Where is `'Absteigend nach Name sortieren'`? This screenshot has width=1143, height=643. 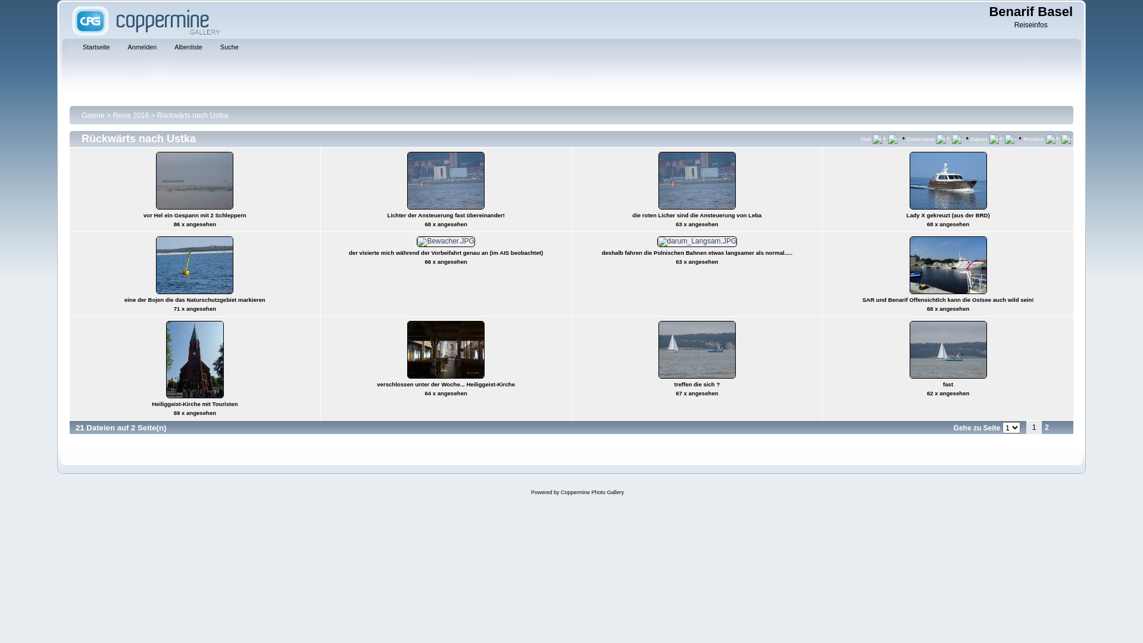 'Absteigend nach Name sortieren' is located at coordinates (957, 138).